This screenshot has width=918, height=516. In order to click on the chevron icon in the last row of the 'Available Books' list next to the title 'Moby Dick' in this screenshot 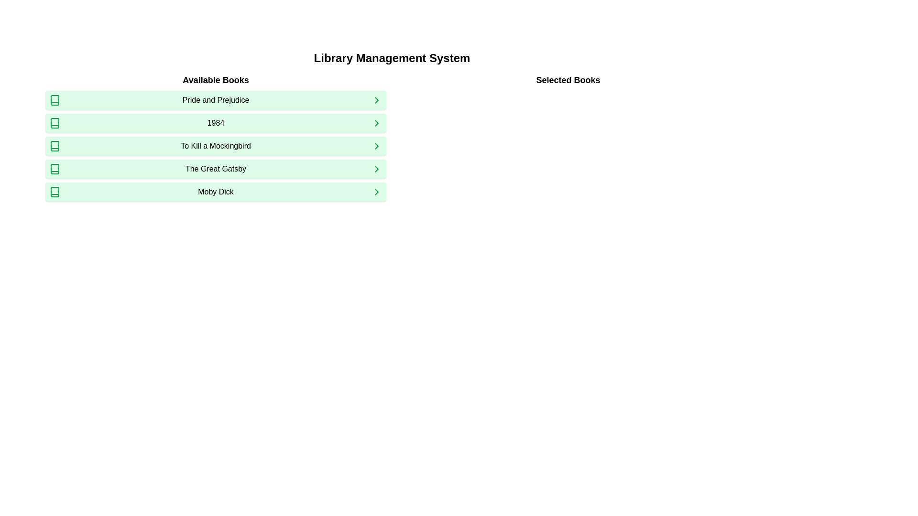, I will do `click(376, 192)`.